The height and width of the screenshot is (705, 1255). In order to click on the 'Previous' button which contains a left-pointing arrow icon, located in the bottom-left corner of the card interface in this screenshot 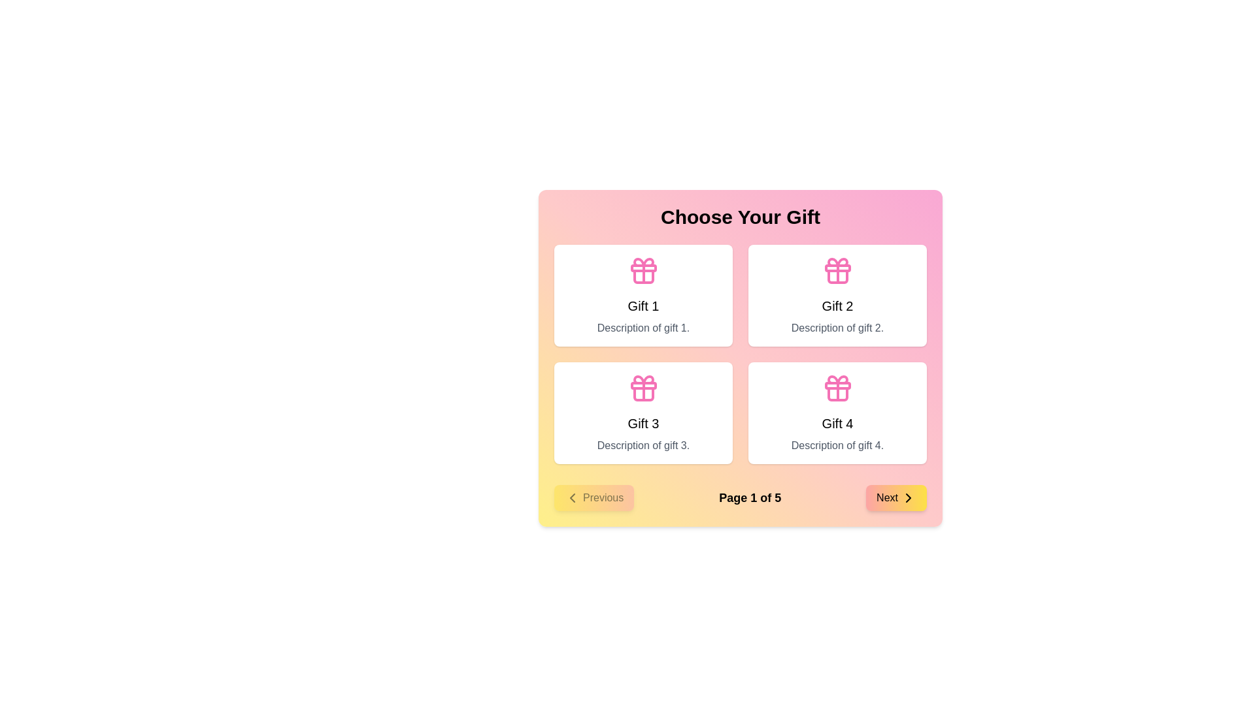, I will do `click(572, 498)`.